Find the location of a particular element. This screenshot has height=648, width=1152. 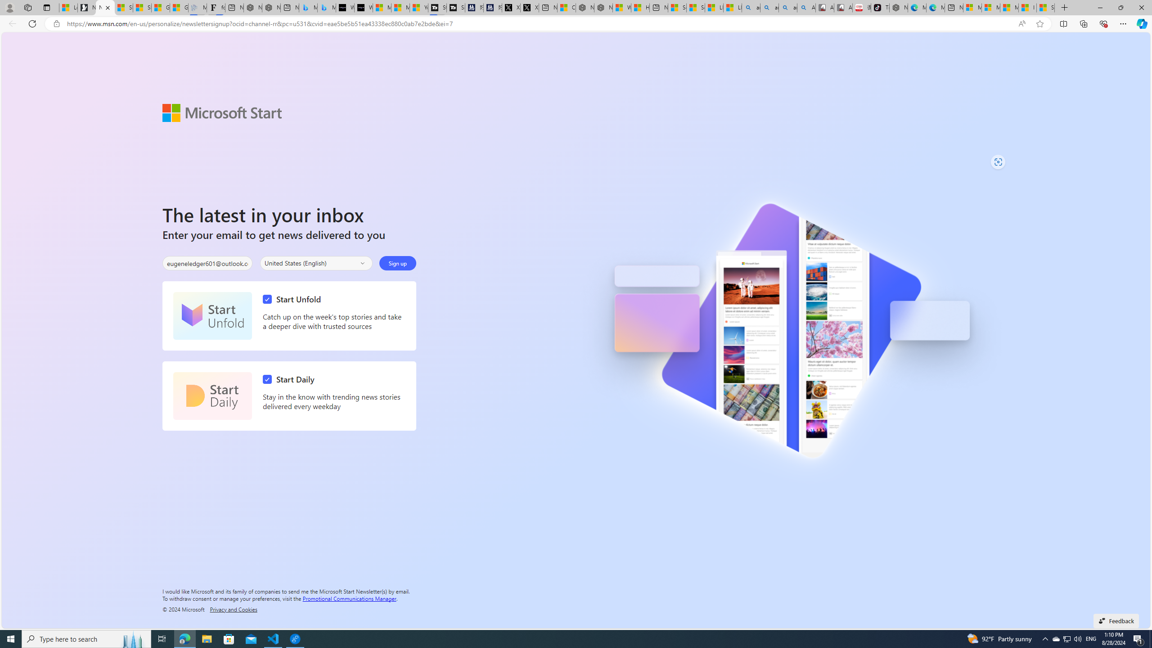

'Huge shark washes ashore at New York City beach | Watch' is located at coordinates (640, 7).